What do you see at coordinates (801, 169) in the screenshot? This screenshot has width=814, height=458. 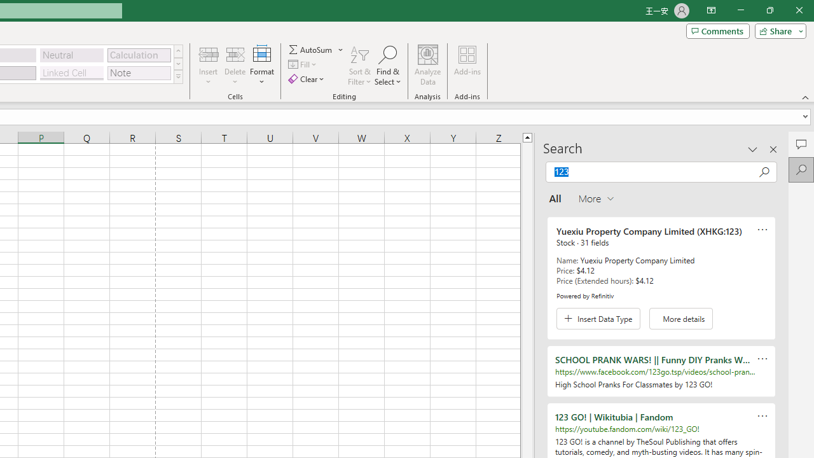 I see `'Search'` at bounding box center [801, 169].